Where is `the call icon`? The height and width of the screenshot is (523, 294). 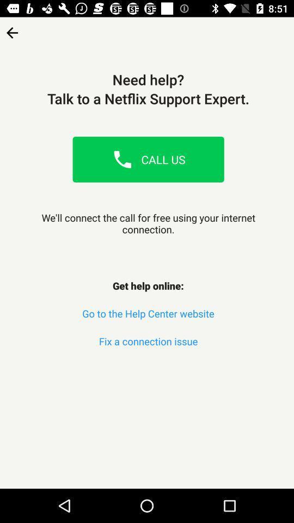 the call icon is located at coordinates (122, 159).